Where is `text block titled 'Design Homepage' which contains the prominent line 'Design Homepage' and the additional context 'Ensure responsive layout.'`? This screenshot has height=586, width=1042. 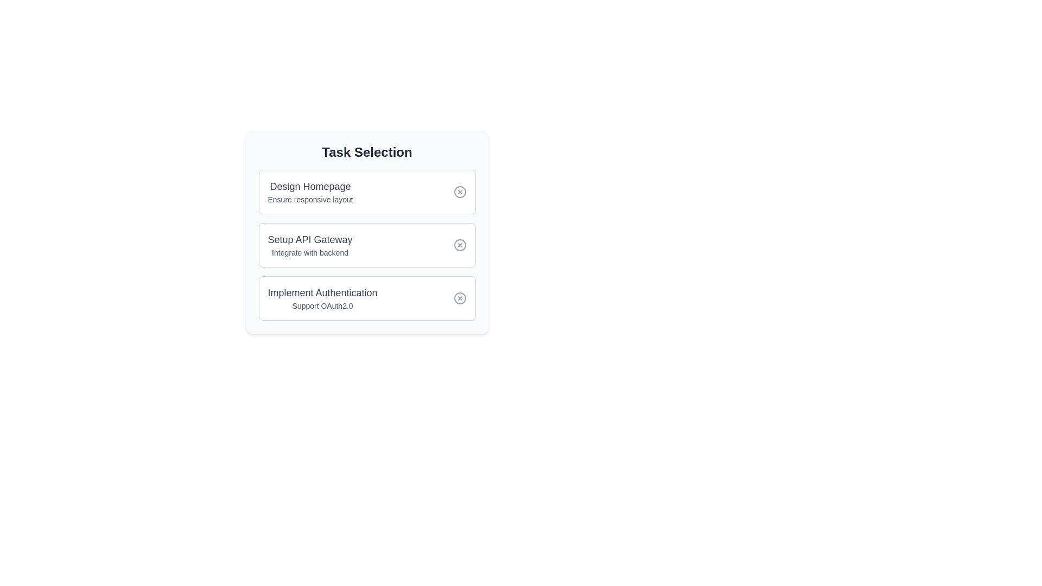
text block titled 'Design Homepage' which contains the prominent line 'Design Homepage' and the additional context 'Ensure responsive layout.' is located at coordinates (310, 192).